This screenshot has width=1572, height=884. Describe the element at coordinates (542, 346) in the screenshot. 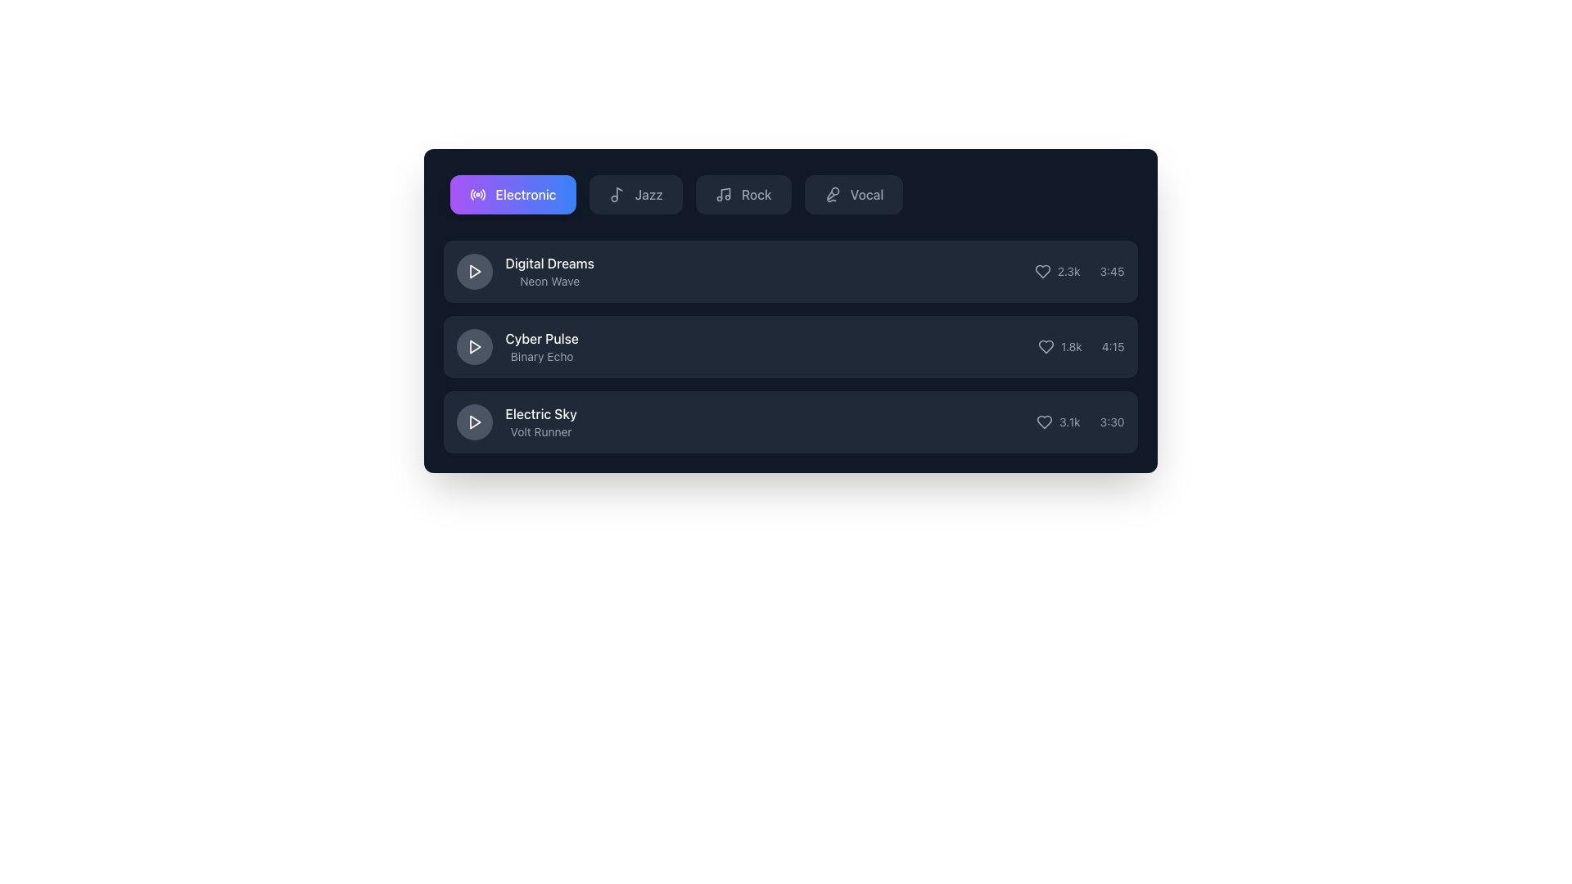

I see `the Text label displaying 'Cyber Pulse' and 'Binary Echo', located in the second row of the list structure, adjacent to the play button icon` at that location.